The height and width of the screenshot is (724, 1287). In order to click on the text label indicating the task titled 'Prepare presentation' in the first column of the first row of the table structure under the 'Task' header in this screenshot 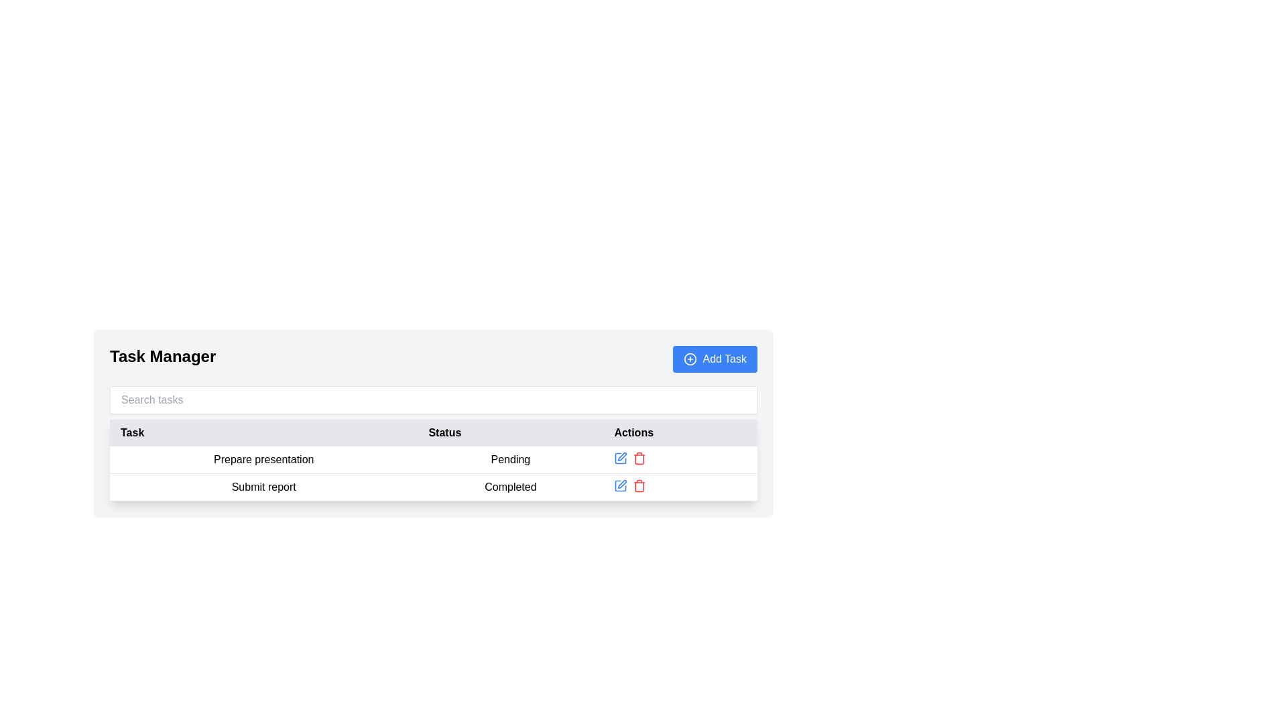, I will do `click(263, 459)`.